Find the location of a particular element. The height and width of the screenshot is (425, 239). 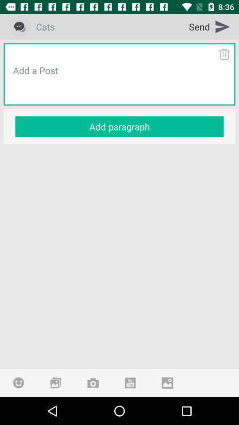

insert google image is located at coordinates (167, 382).